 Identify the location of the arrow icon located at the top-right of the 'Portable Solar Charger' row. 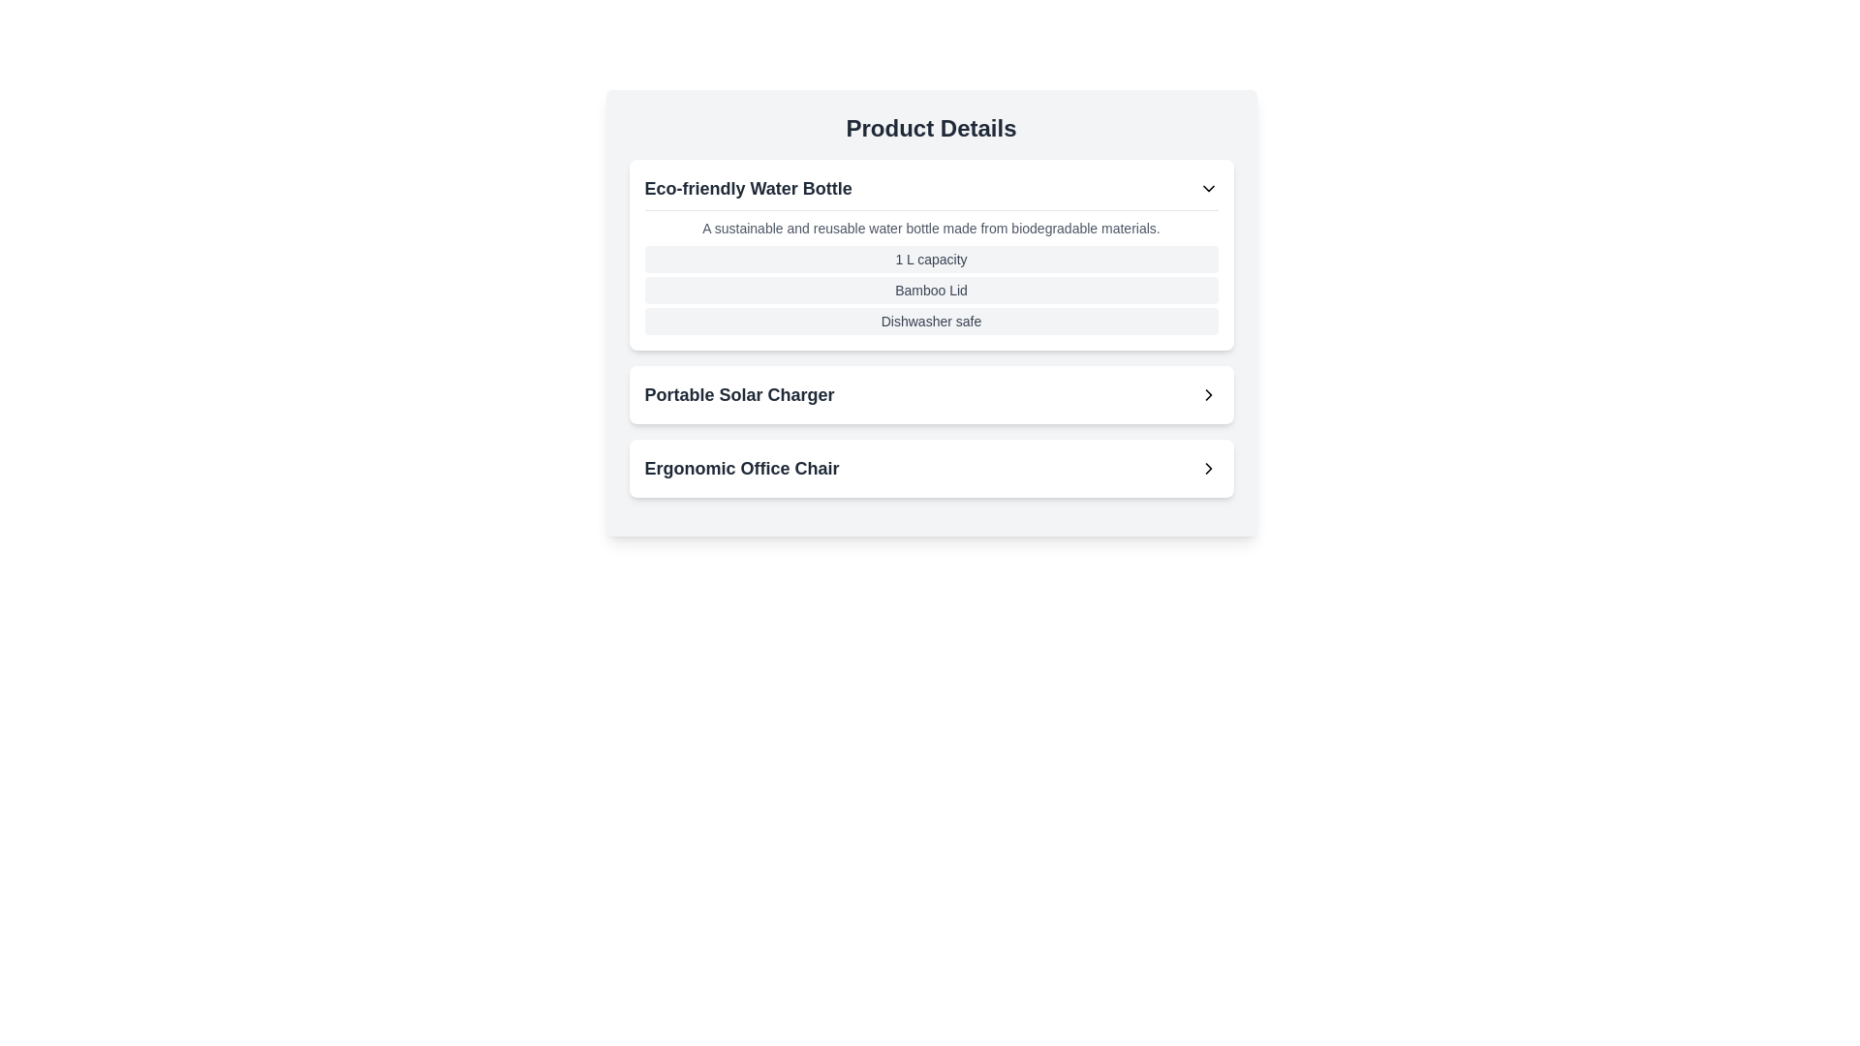
(1207, 394).